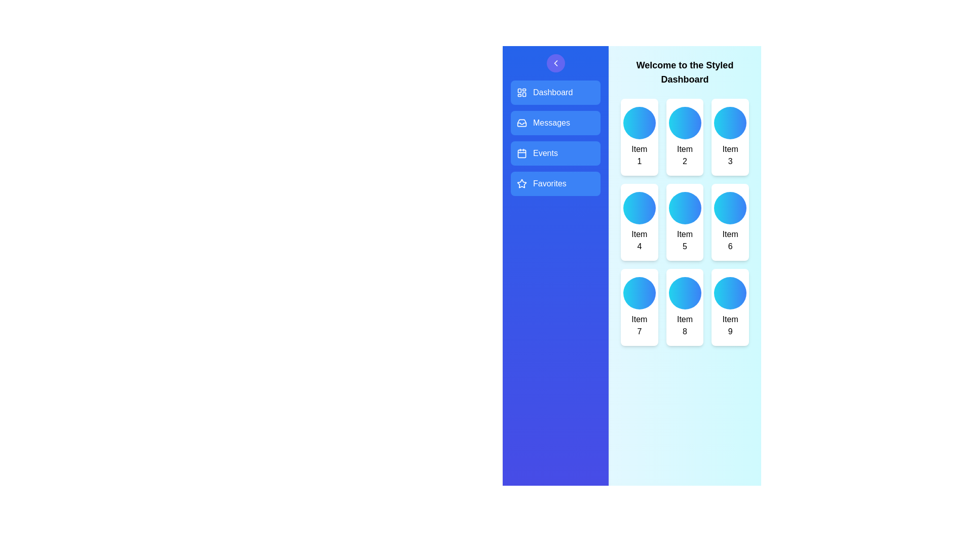 The width and height of the screenshot is (973, 547). I want to click on the welcome message text, so click(685, 71).